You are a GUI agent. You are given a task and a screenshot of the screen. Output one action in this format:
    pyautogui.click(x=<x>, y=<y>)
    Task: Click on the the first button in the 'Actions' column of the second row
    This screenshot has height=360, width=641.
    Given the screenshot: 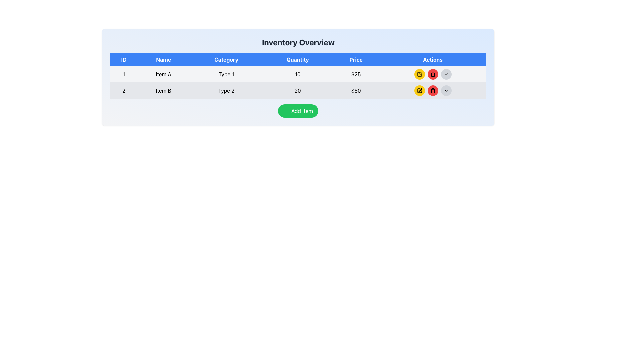 What is the action you would take?
    pyautogui.click(x=419, y=91)
    